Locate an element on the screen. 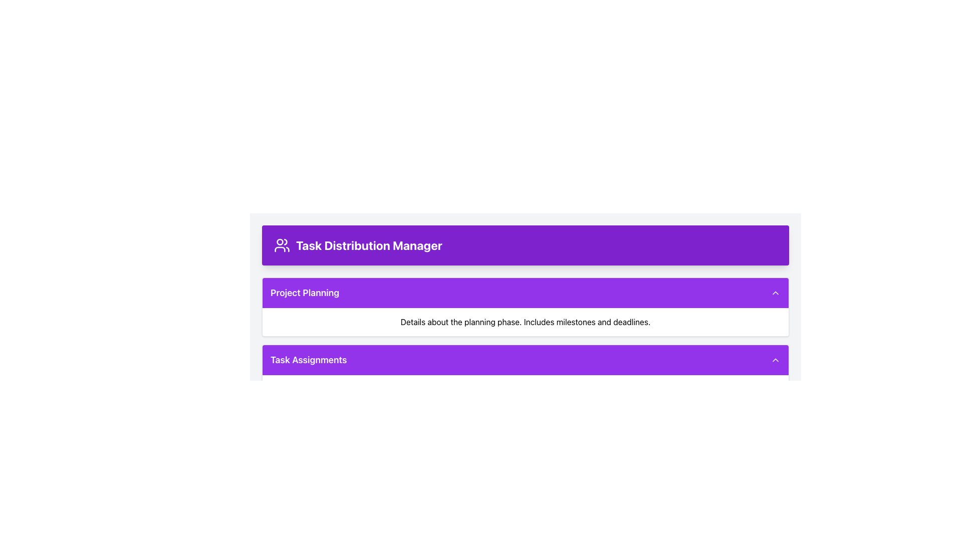 This screenshot has width=962, height=541. the lower horizontal component of the SVG icon representing the user's context in the 'Task Distribution Manager' section, located near the left edge of the purple header bar is located at coordinates (280, 248).